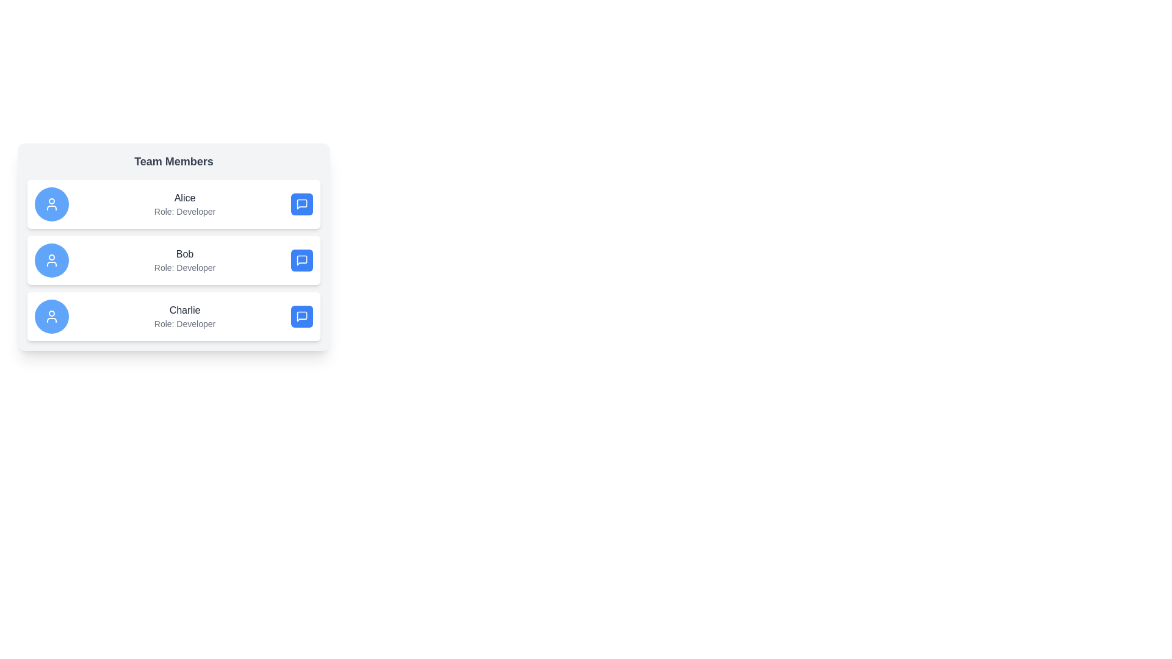  I want to click on the Text Display element showing 'Bob' and 'Role: Developer', which is vertically aligned and centered in its list item, so click(184, 260).